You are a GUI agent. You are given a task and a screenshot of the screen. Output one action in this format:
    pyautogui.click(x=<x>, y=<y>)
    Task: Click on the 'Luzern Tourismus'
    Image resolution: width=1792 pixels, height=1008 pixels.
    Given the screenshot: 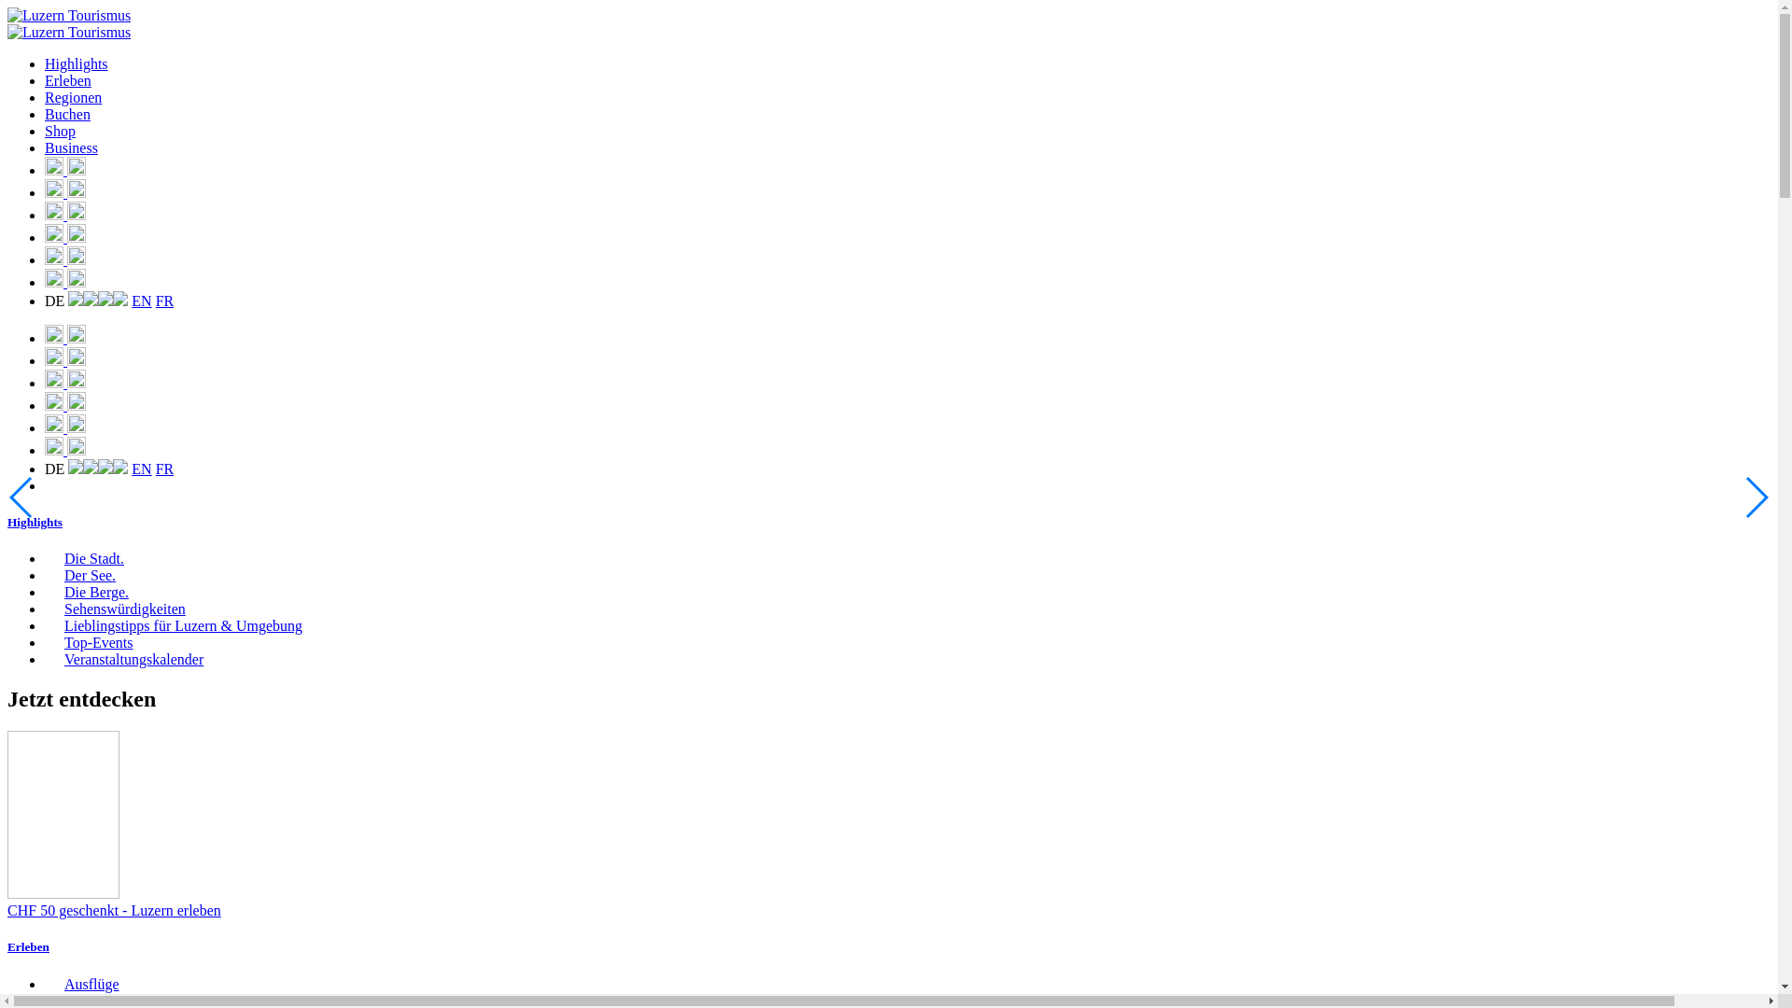 What is the action you would take?
    pyautogui.click(x=7, y=32)
    